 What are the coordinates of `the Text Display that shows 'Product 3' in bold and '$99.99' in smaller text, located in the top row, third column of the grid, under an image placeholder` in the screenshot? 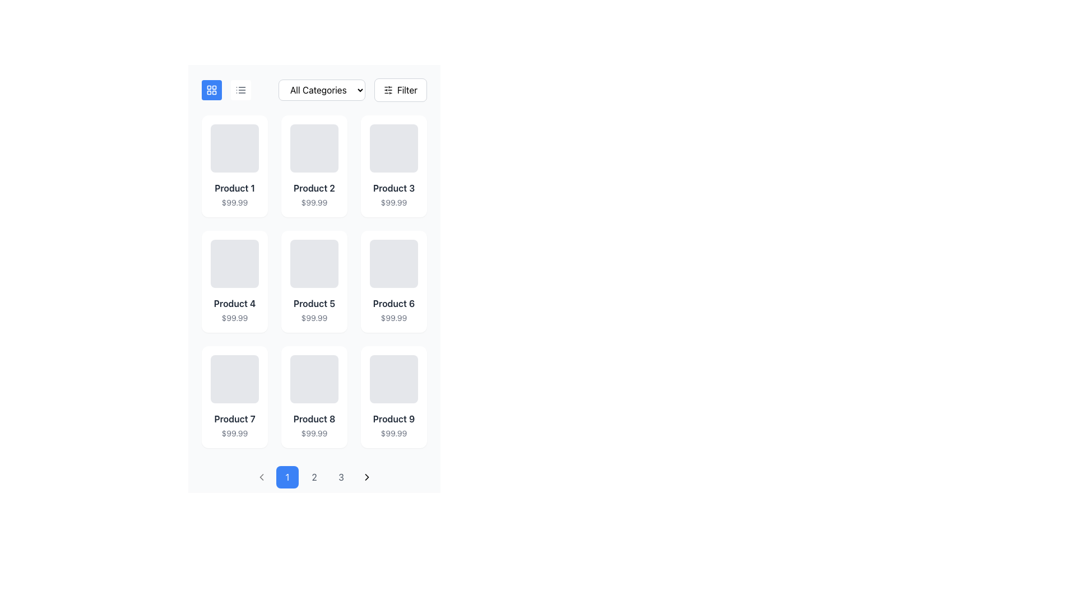 It's located at (393, 194).